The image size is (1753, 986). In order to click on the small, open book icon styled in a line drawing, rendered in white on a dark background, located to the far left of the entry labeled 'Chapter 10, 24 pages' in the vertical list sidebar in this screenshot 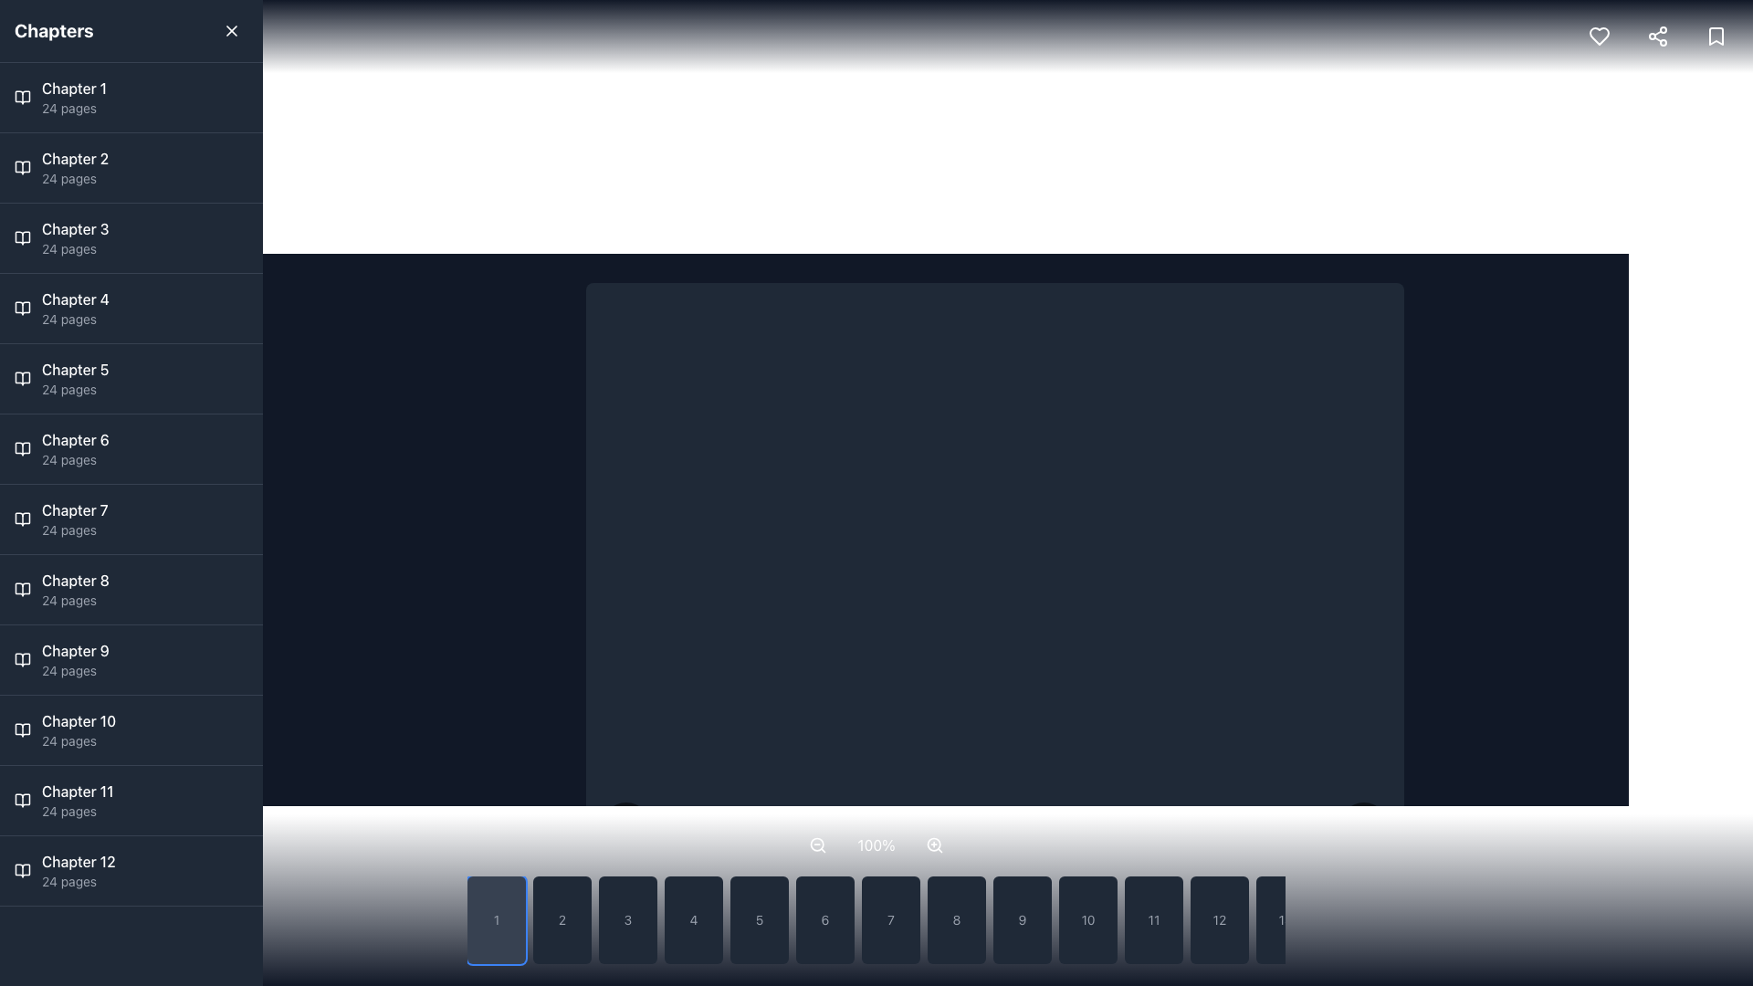, I will do `click(22, 729)`.